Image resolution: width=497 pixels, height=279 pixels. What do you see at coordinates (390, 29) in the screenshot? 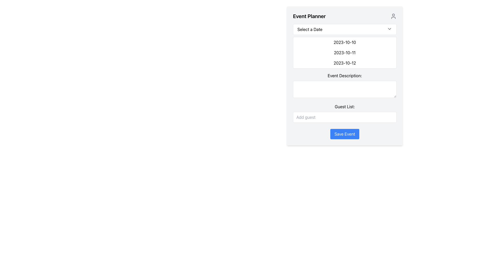
I see `the Dropdown toggle icon located within the 'Select a Date' box in the 'Event Planner' interface` at bounding box center [390, 29].